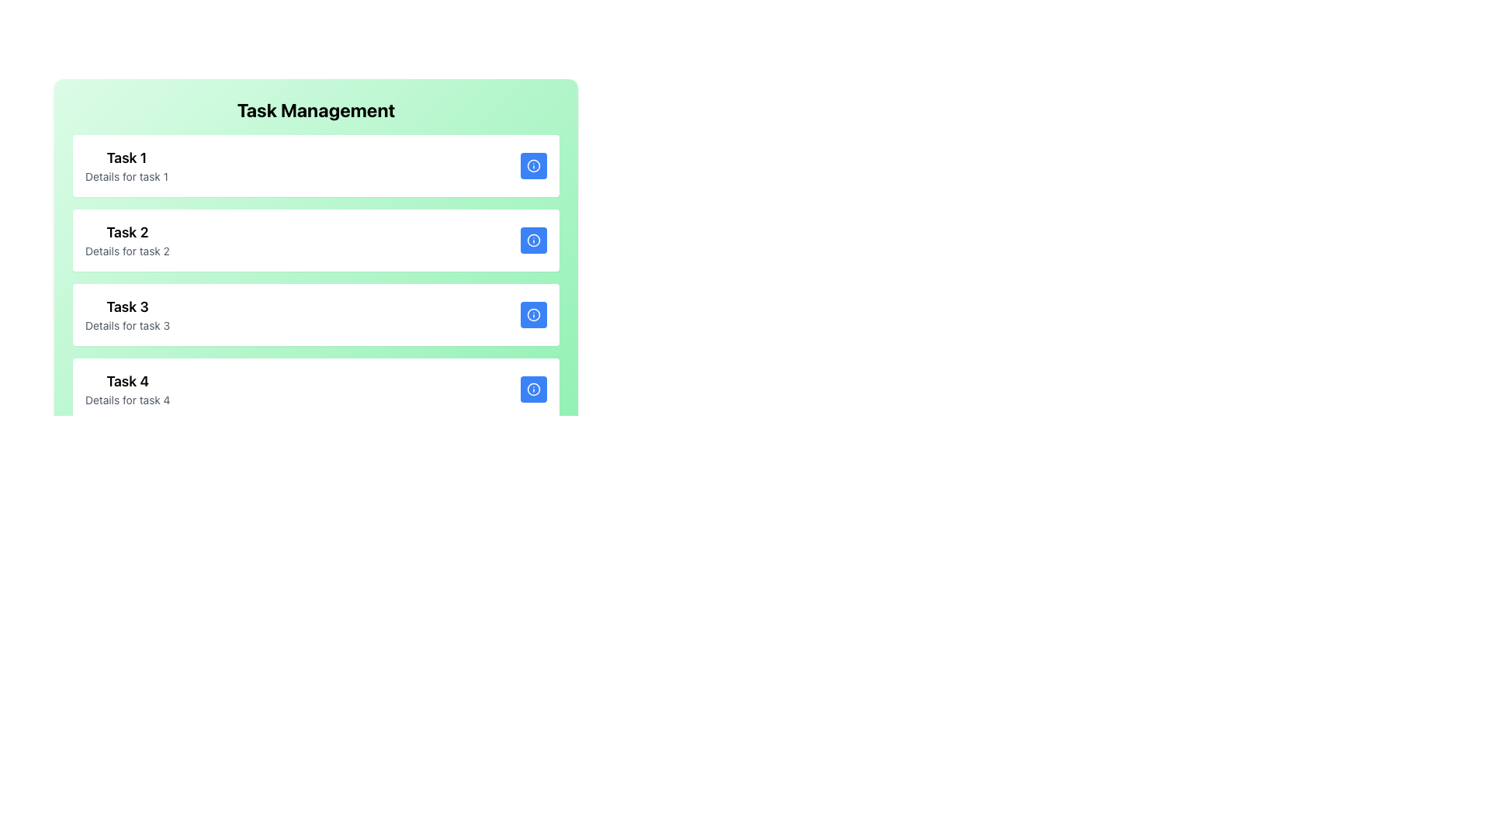  I want to click on the blue rounded-rectangle button with an informational icon, so click(533, 165).